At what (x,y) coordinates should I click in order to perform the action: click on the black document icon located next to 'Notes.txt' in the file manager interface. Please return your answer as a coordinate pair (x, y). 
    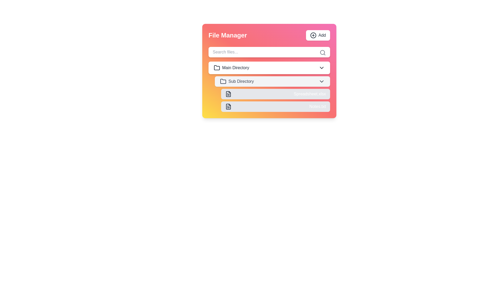
    Looking at the image, I should click on (228, 106).